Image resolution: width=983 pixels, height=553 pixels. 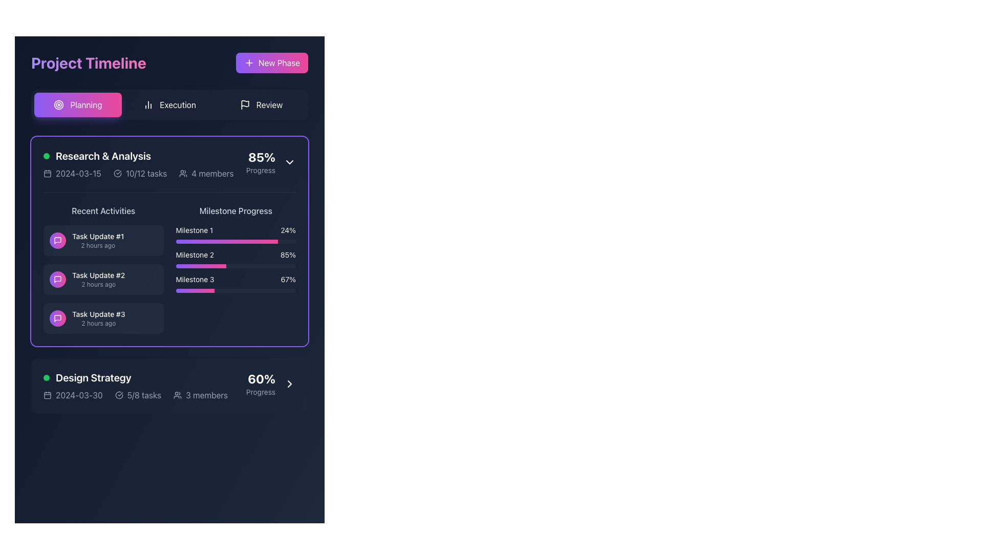 I want to click on date displayed as '2024-03-15' from the static text element with a calendar icon in the 'Research & Analysis' section, so click(x=72, y=173).